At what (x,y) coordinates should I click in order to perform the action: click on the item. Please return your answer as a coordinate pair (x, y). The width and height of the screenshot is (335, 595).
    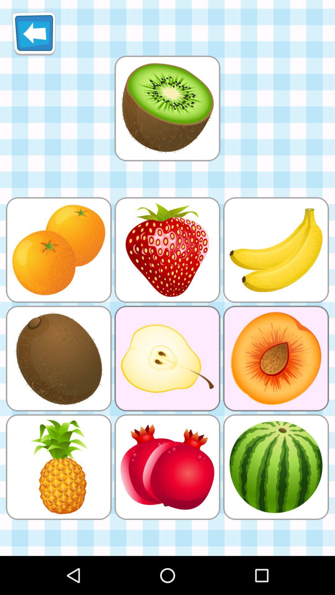
    Looking at the image, I should click on (167, 108).